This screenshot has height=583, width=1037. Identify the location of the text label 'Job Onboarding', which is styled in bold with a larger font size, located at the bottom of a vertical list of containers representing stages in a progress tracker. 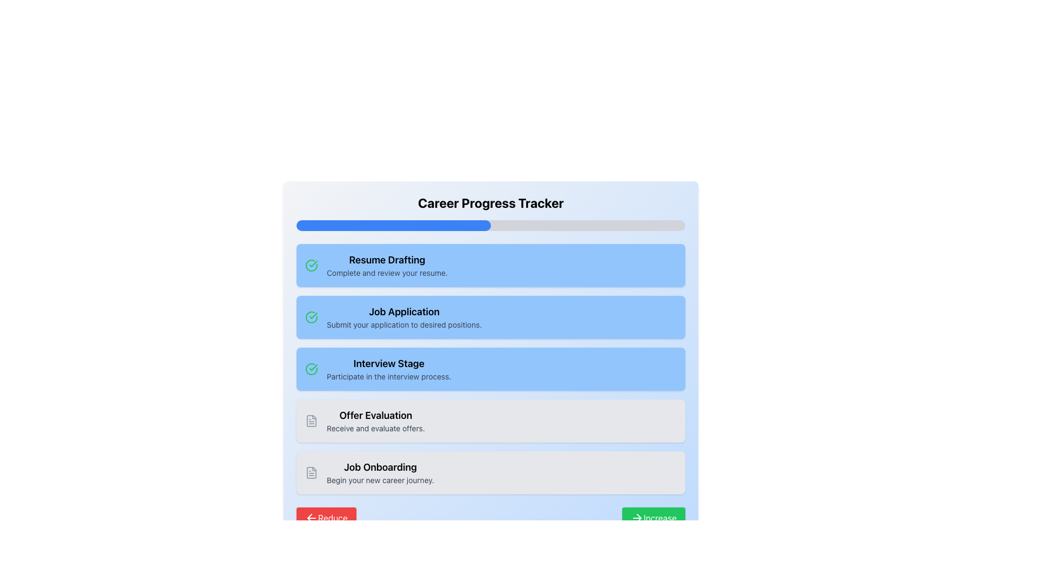
(380, 467).